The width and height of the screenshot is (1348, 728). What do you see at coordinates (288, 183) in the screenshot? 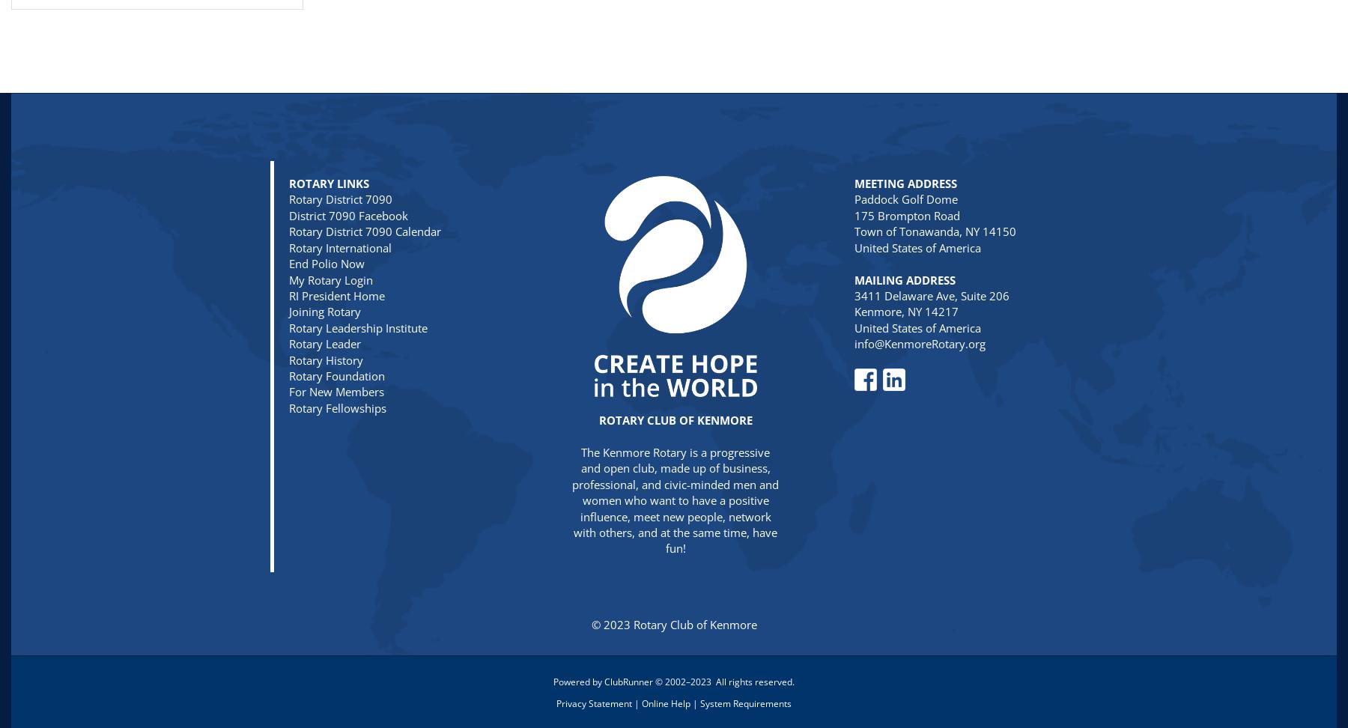
I see `'ROTARY LINKS'` at bounding box center [288, 183].